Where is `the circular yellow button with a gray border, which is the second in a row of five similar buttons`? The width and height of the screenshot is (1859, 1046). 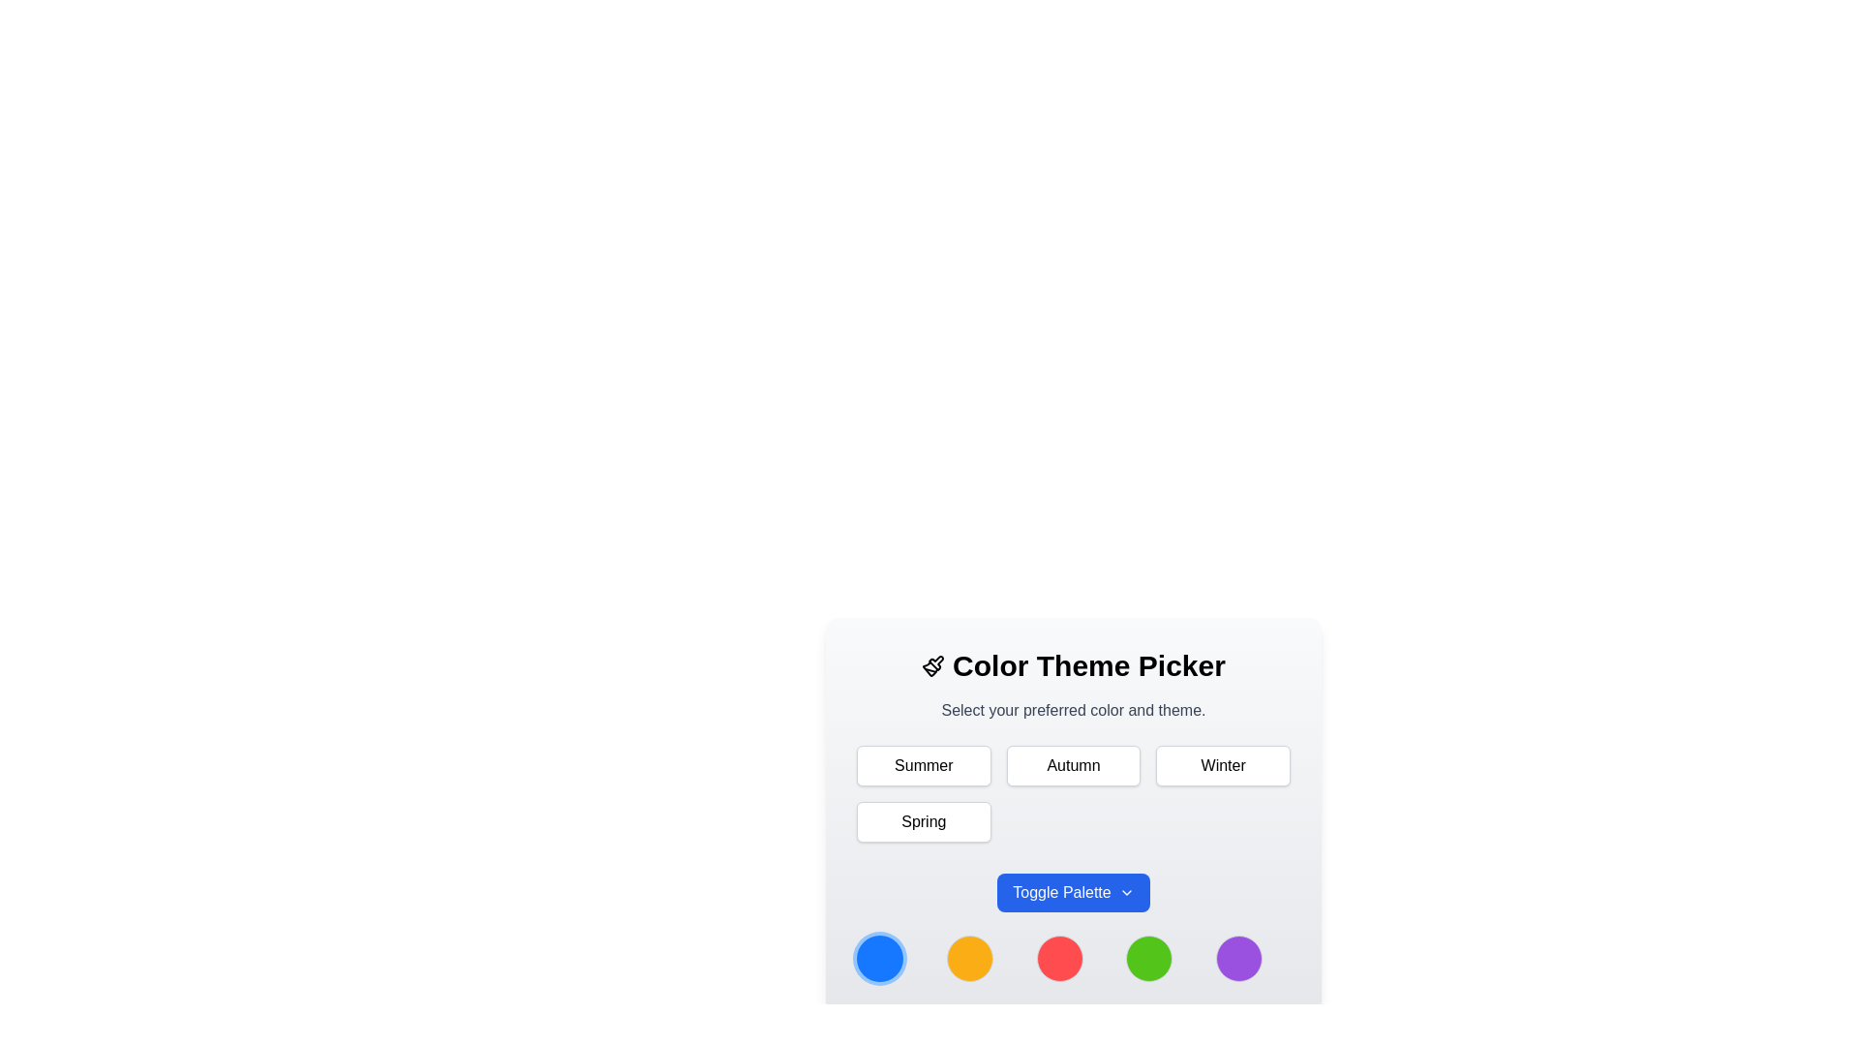 the circular yellow button with a gray border, which is the second in a row of five similar buttons is located at coordinates (969, 959).